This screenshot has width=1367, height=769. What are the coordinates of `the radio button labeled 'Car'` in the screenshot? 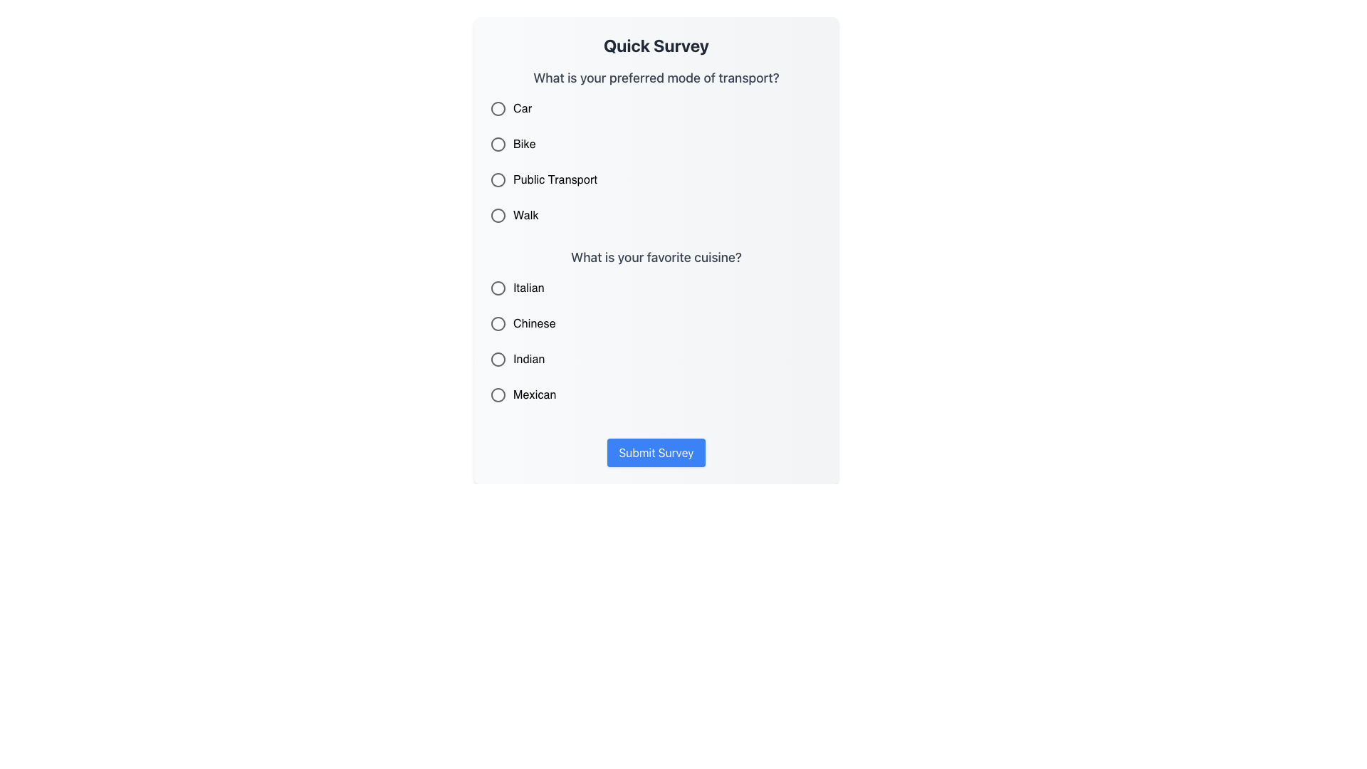 It's located at (646, 108).